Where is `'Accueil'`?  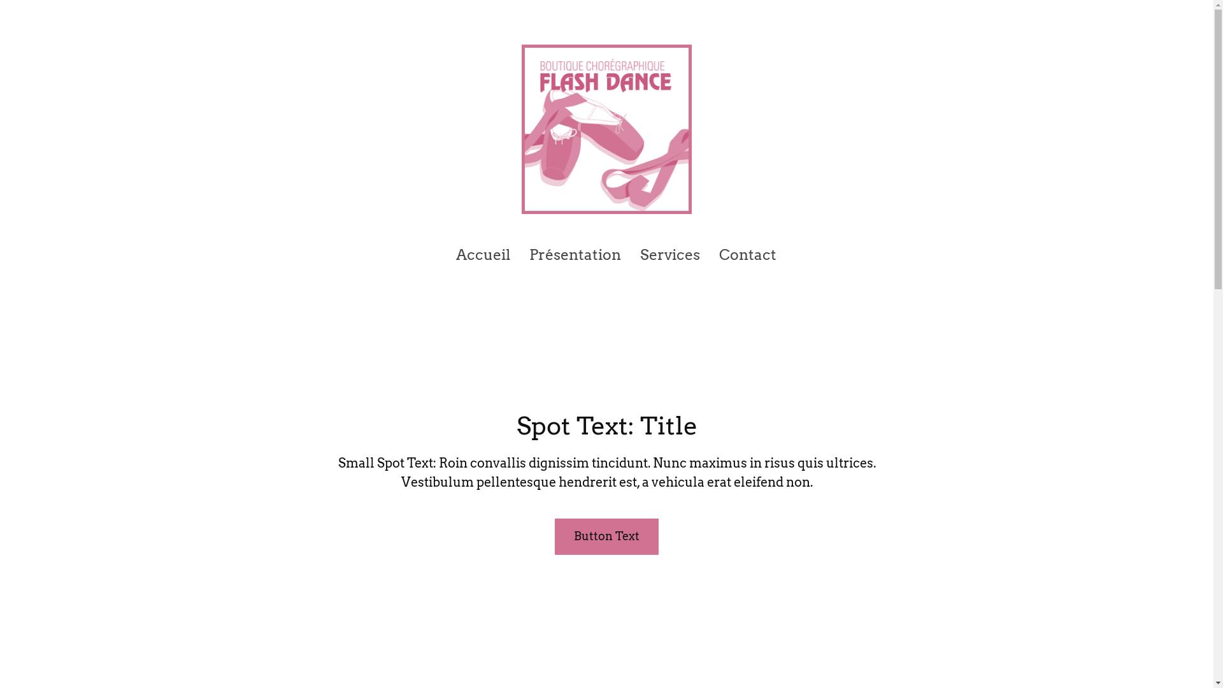 'Accueil' is located at coordinates (455, 255).